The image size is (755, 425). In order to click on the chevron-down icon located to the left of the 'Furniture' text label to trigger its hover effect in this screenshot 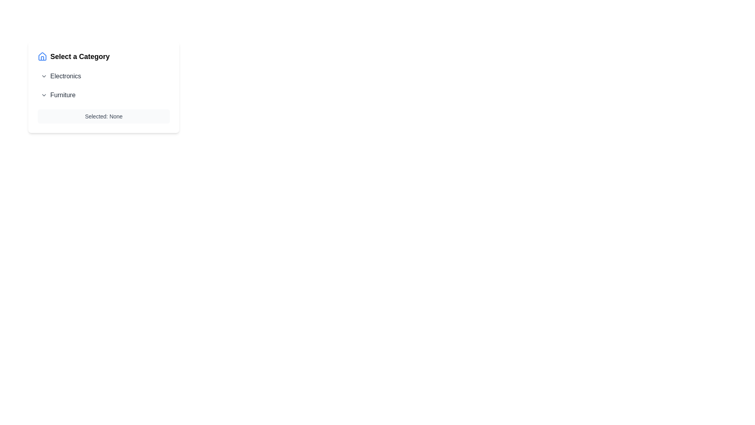, I will do `click(43, 95)`.